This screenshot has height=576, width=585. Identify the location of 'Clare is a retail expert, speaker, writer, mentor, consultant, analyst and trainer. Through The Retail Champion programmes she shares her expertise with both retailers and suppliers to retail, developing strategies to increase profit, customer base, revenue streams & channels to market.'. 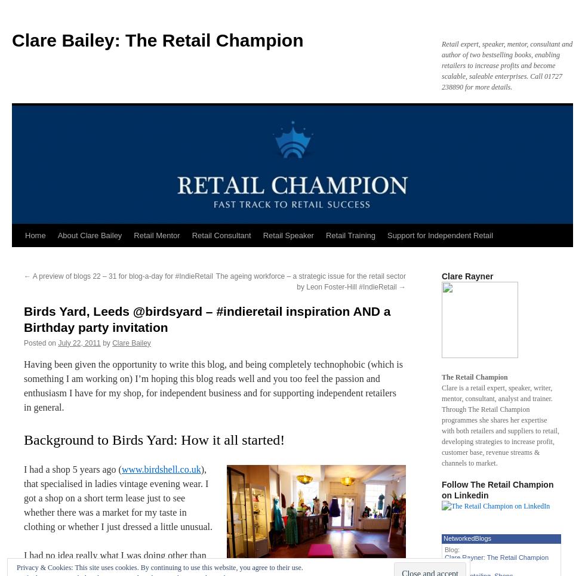
(500, 426).